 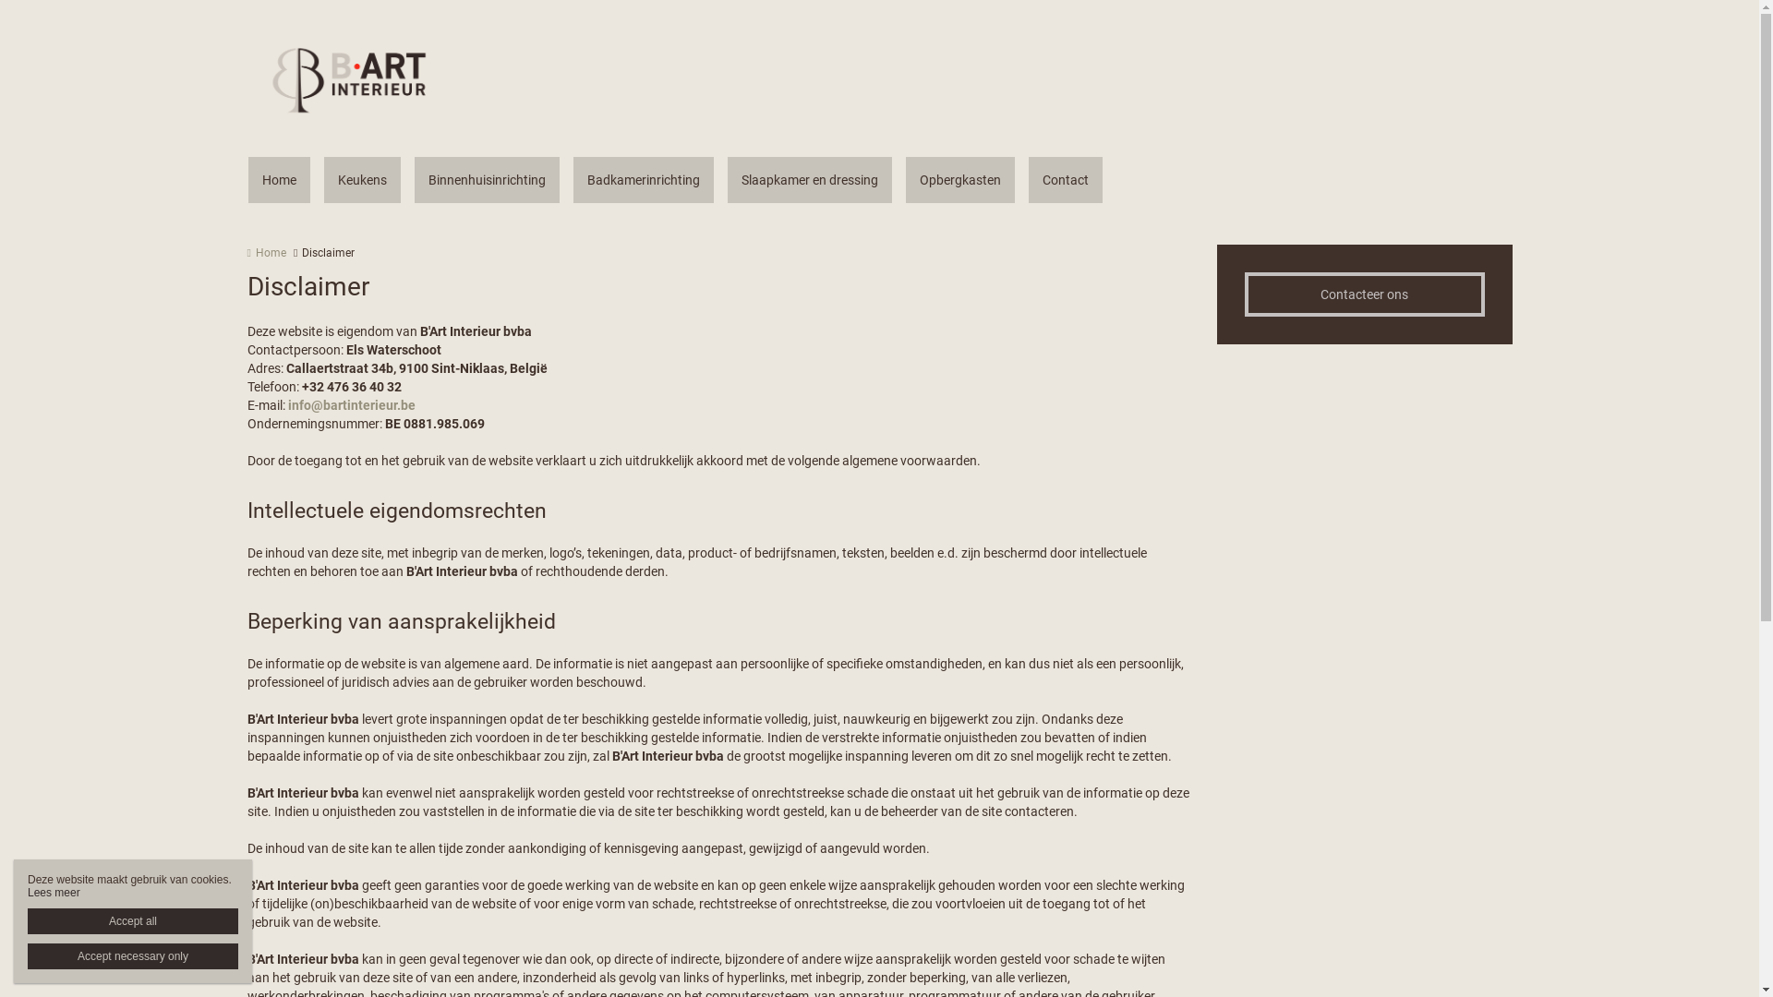 What do you see at coordinates (361, 180) in the screenshot?
I see `'Keukens'` at bounding box center [361, 180].